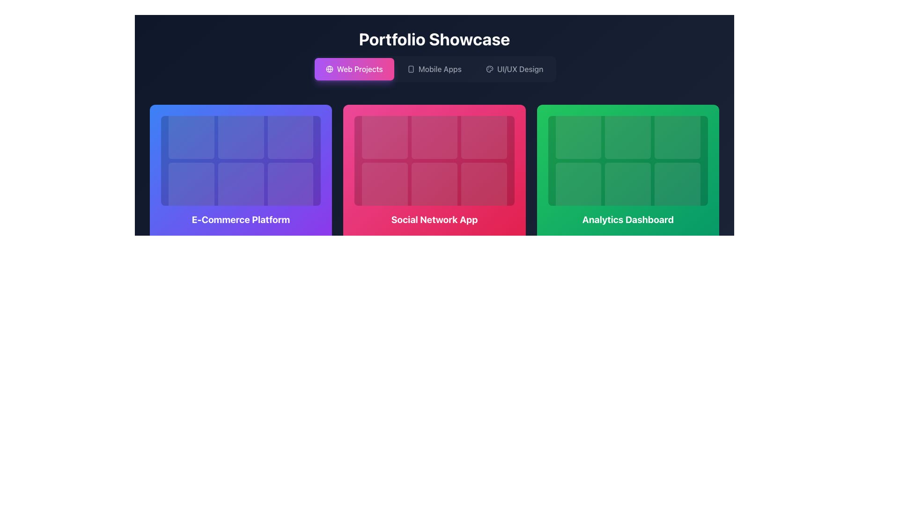  What do you see at coordinates (439, 68) in the screenshot?
I see `text content of the 'Mobile Apps' navigational link located in the top center portion of the interface, specifically the second item in the navigation bar` at bounding box center [439, 68].